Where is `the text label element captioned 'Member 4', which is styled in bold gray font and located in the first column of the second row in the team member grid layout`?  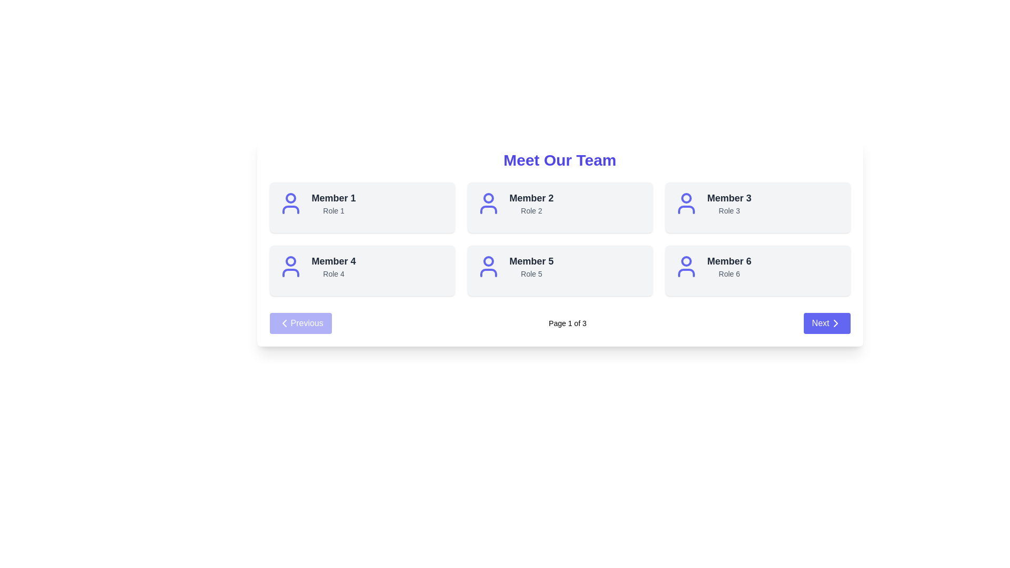 the text label element captioned 'Member 4', which is styled in bold gray font and located in the first column of the second row in the team member grid layout is located at coordinates (333, 261).